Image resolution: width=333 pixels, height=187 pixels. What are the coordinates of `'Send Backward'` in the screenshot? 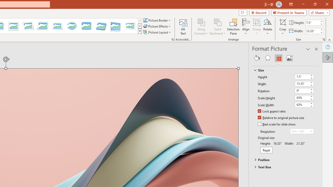 It's located at (218, 27).